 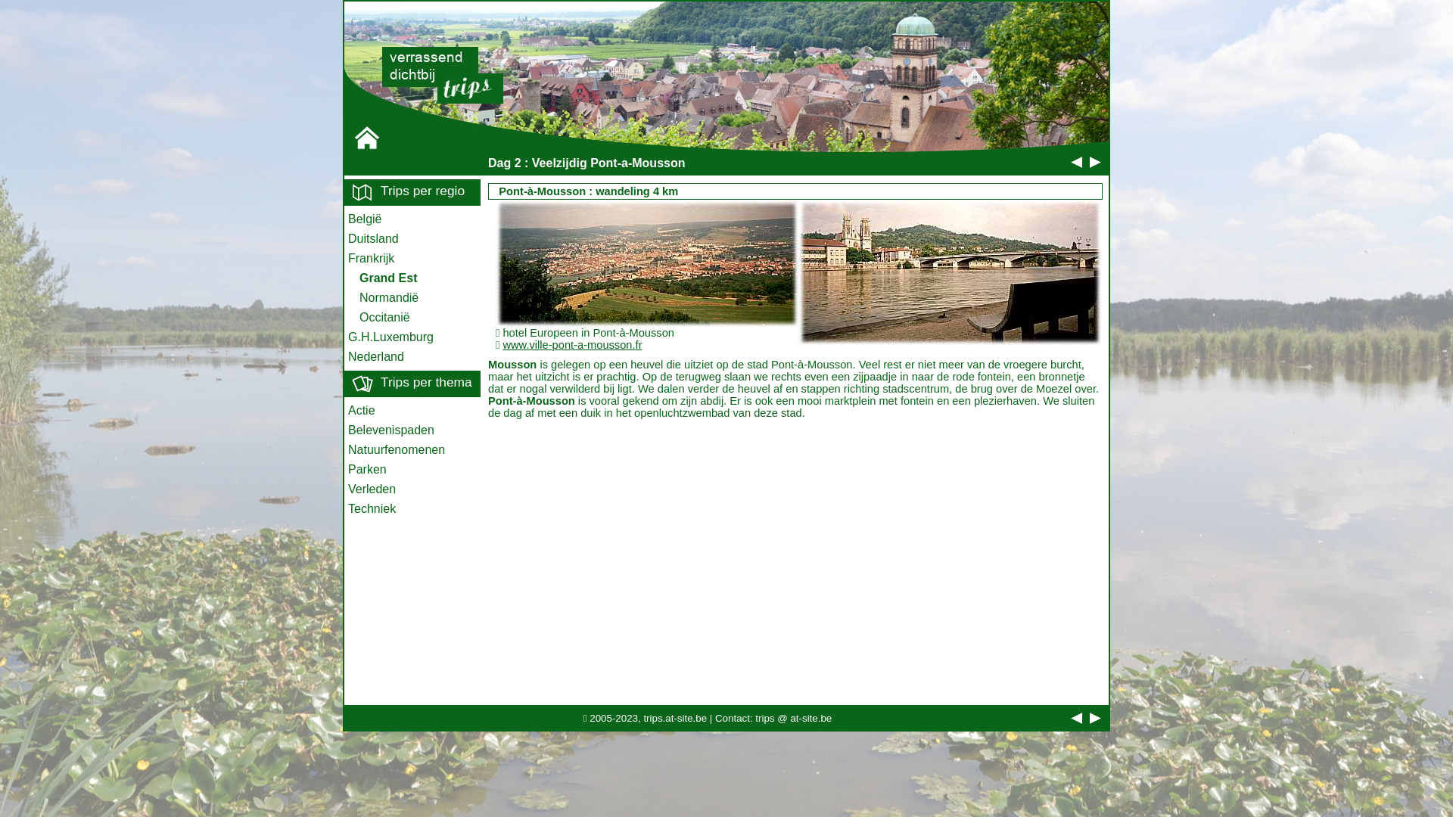 What do you see at coordinates (344, 238) in the screenshot?
I see `'Duitsland'` at bounding box center [344, 238].